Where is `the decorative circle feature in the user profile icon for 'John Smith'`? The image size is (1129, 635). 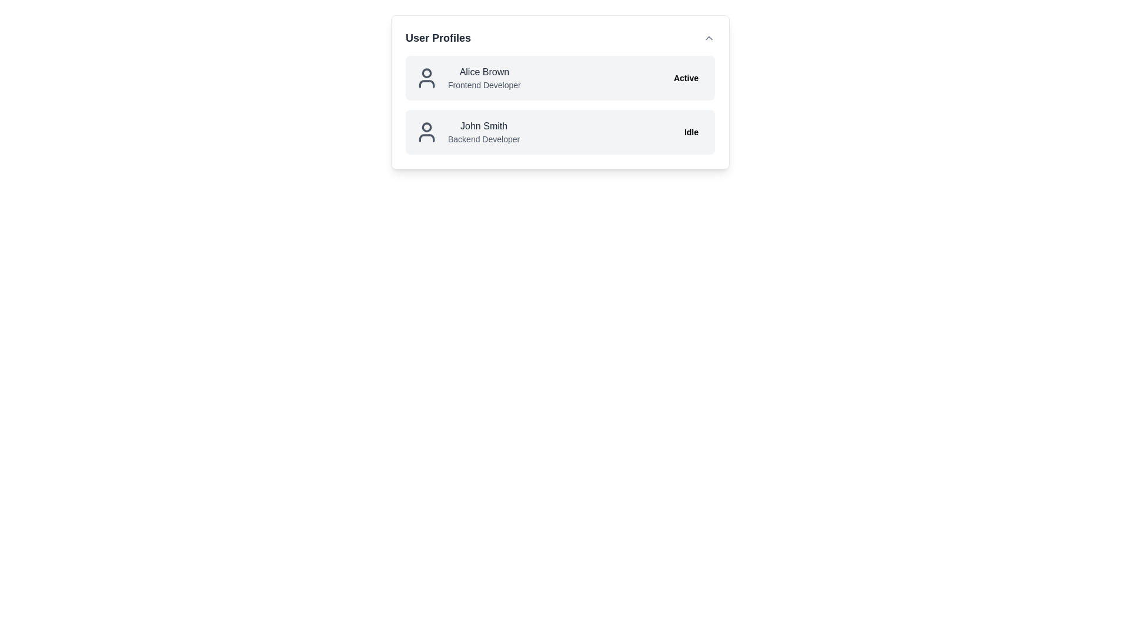
the decorative circle feature in the user profile icon for 'John Smith' is located at coordinates (426, 127).